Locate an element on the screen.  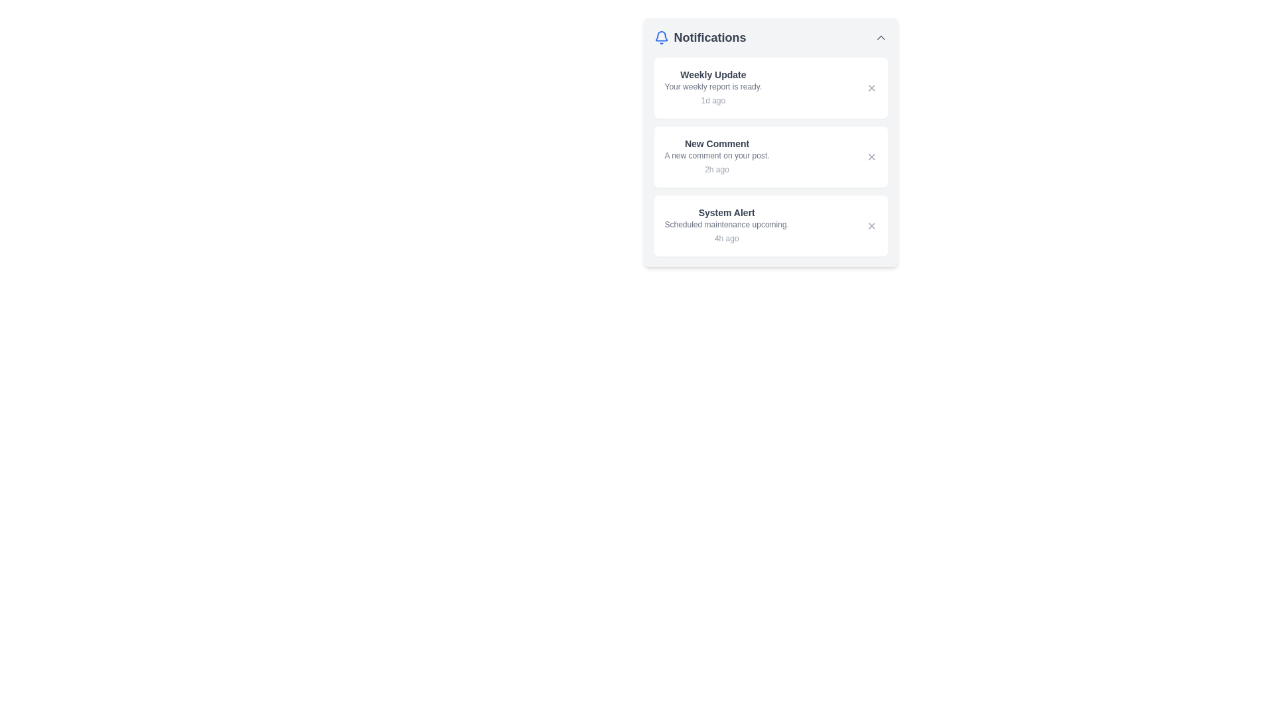
the static text label reading 'Notifications' which is prominently displayed in bold dark gray on a light gray background, located at the top-left corner of the notification summary panel is located at coordinates (709, 37).